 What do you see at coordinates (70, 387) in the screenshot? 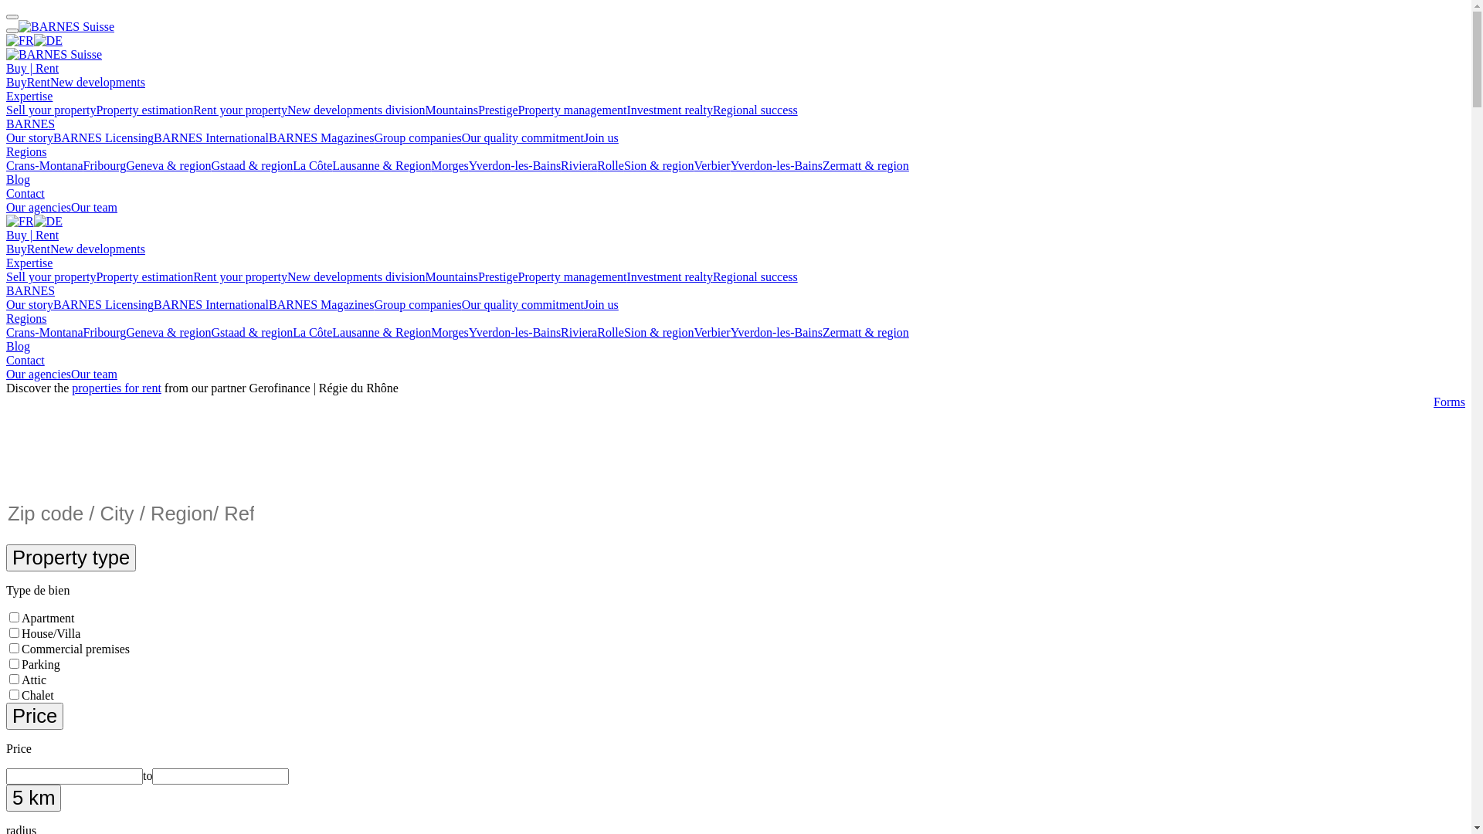
I see `'properties for rent'` at bounding box center [70, 387].